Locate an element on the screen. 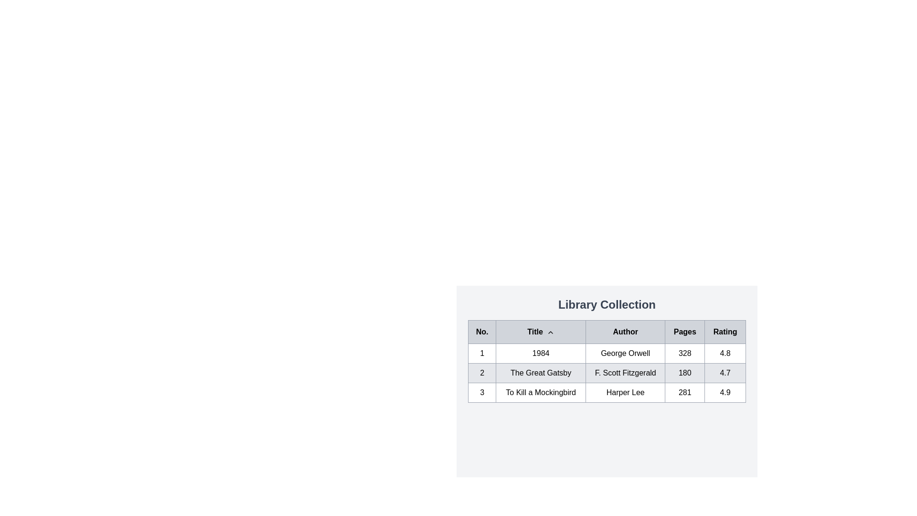  the static table cell displaying the author's name for the book '1984', located in the third column of the table under the 'Author' header is located at coordinates (625, 354).